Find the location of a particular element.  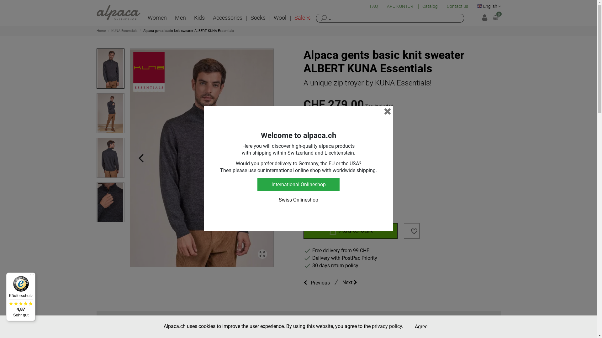

'Sale %' is located at coordinates (302, 18).